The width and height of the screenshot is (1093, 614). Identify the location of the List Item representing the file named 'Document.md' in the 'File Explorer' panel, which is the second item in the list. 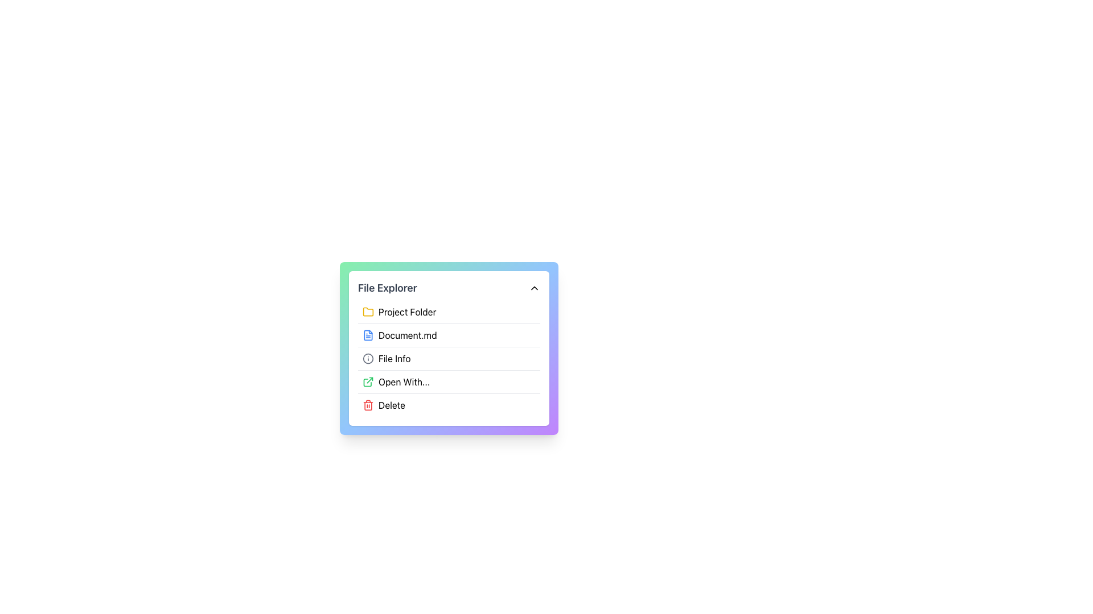
(448, 334).